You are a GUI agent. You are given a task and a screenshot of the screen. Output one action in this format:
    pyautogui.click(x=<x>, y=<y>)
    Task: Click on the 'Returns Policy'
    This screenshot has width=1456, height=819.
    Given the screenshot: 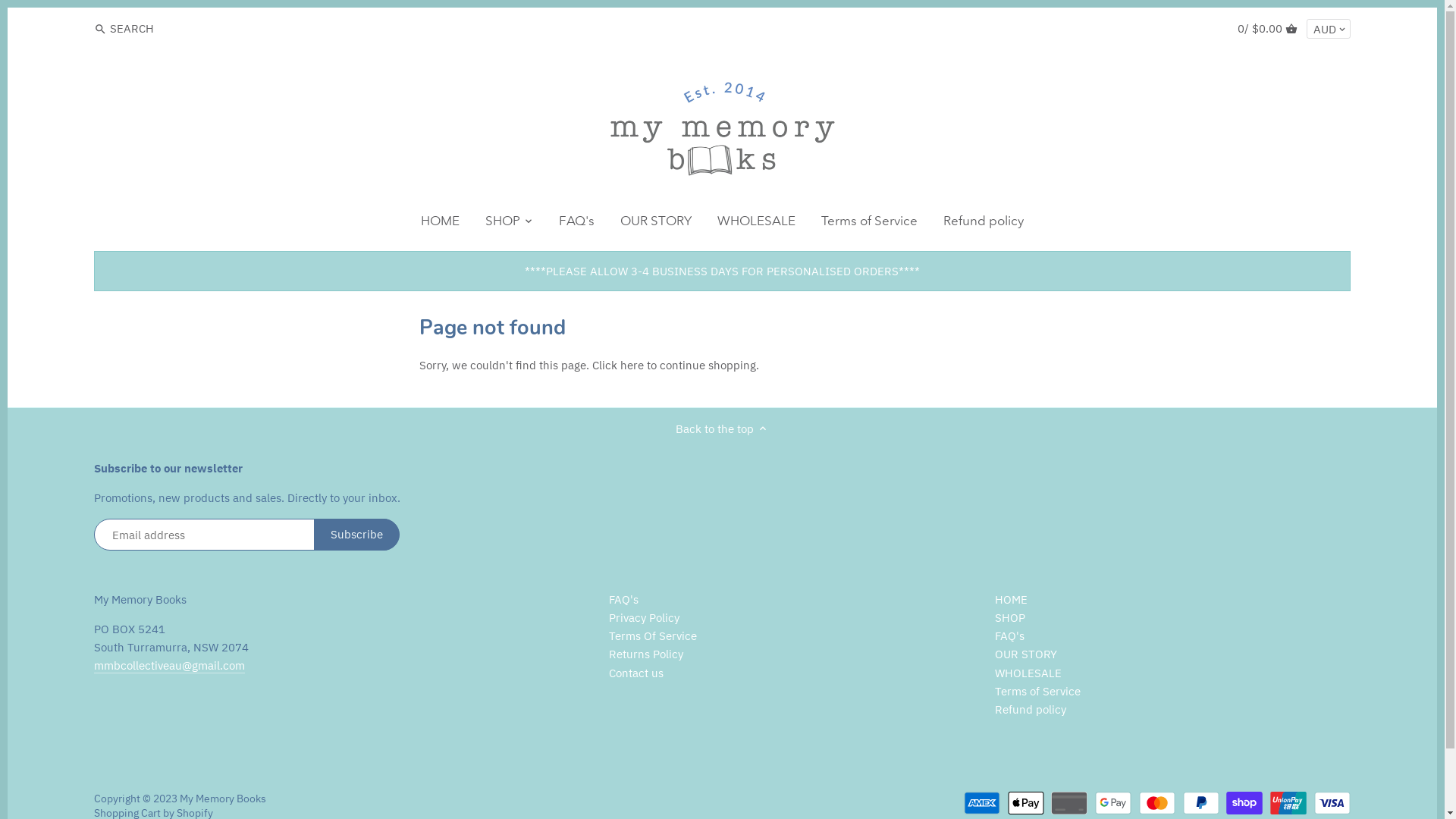 What is the action you would take?
    pyautogui.click(x=645, y=654)
    